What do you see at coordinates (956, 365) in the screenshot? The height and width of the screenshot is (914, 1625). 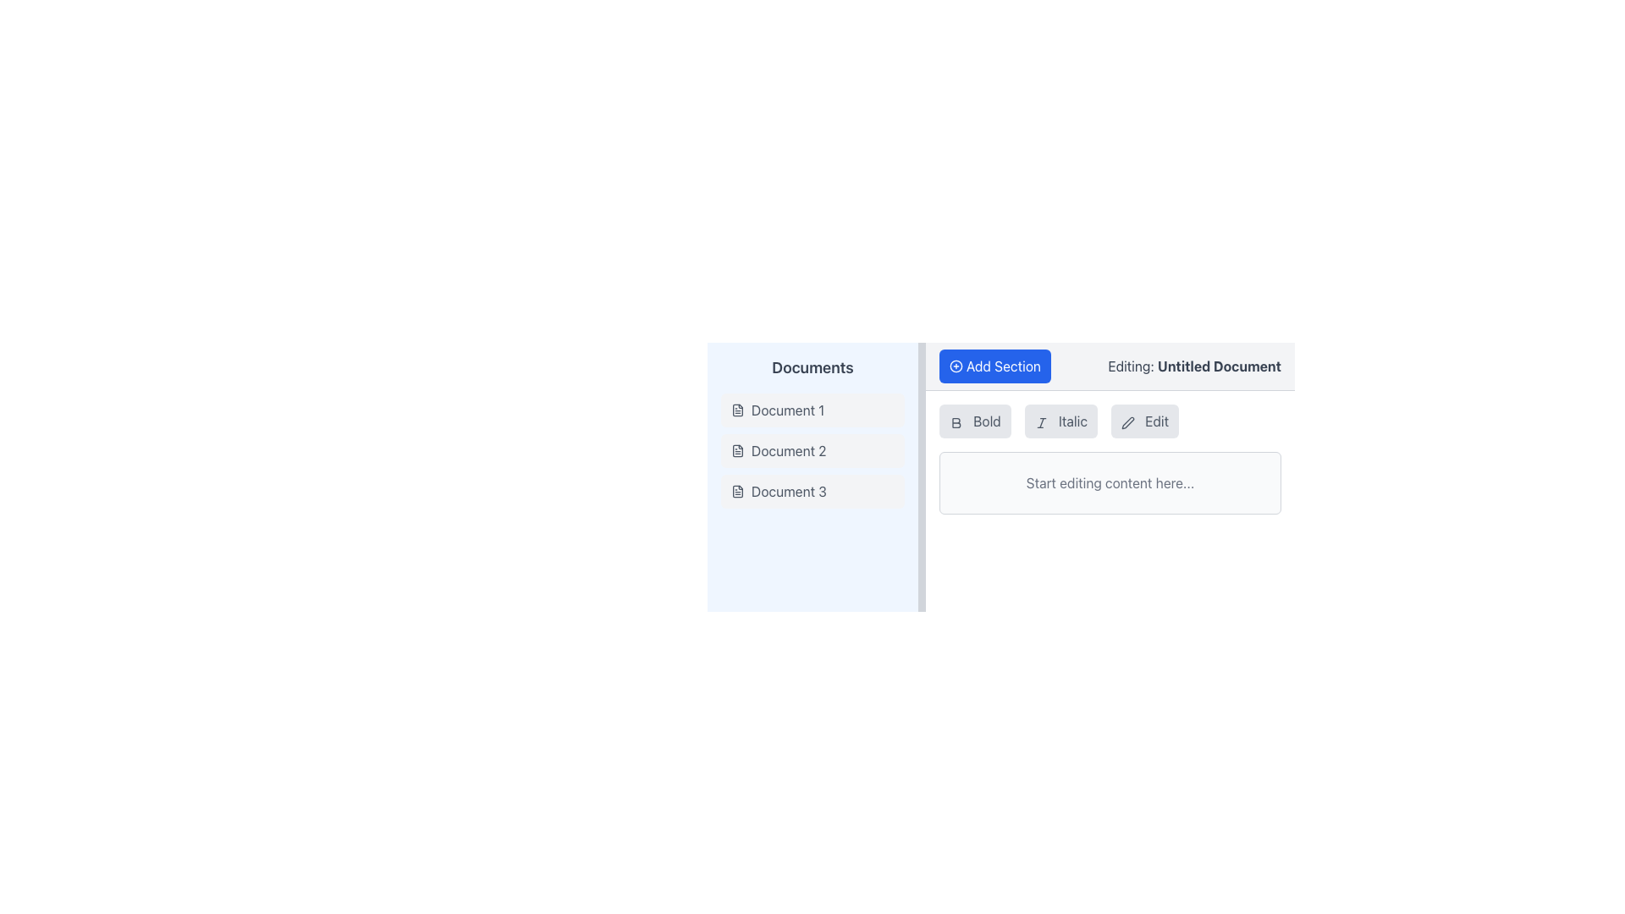 I see `the circular icon with a plus symbol inside it, which is styled using the 'lucide-circle-plus' class, located to the left of the 'Add Section' button` at bounding box center [956, 365].